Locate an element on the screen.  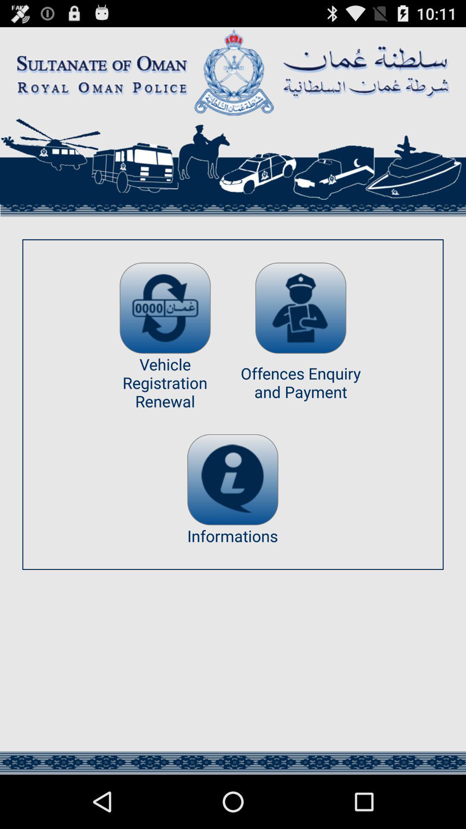
link to payment options is located at coordinates (300, 308).